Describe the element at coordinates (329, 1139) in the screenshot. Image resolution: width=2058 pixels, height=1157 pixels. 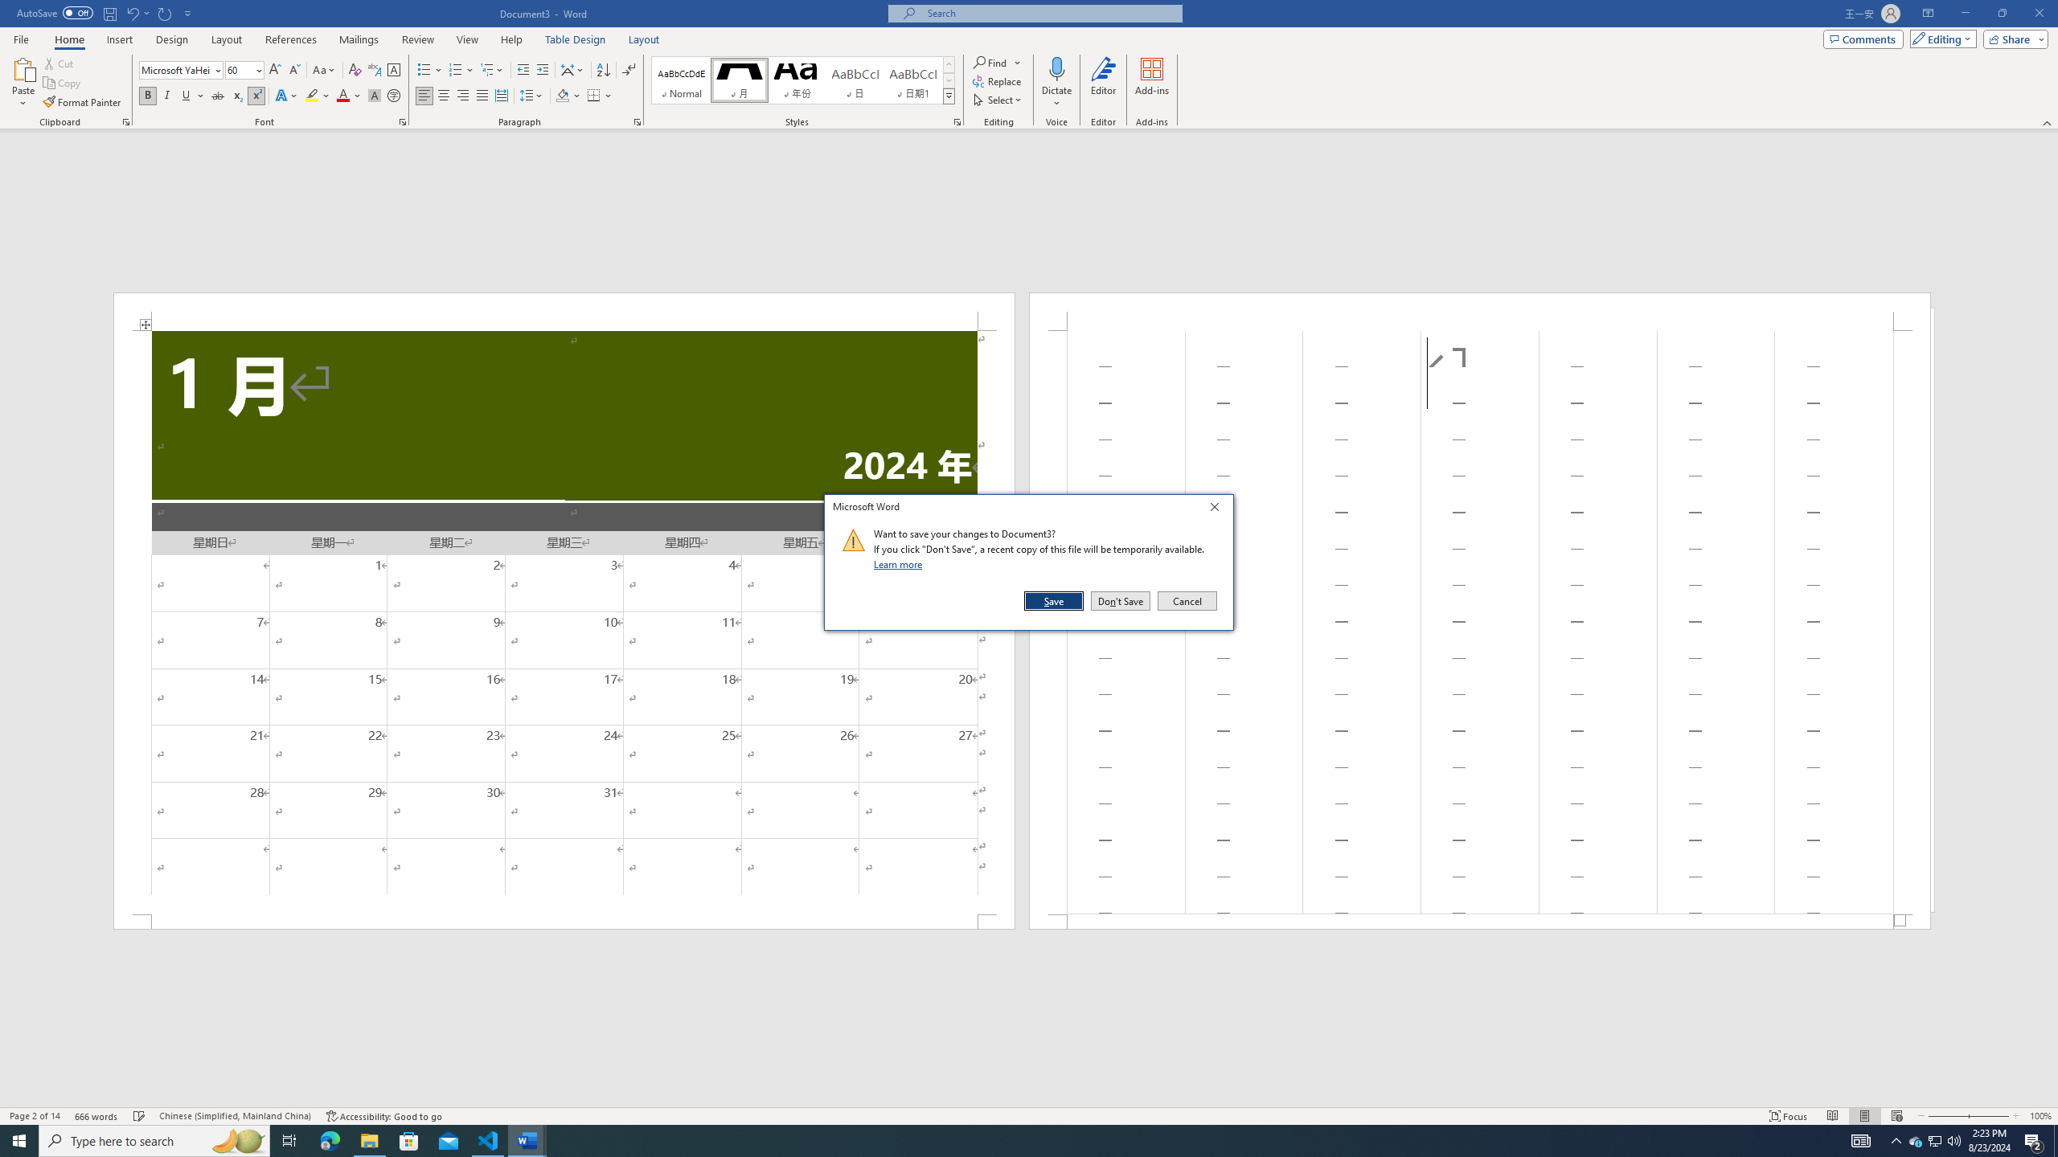
I see `'Microsoft Edge'` at that location.